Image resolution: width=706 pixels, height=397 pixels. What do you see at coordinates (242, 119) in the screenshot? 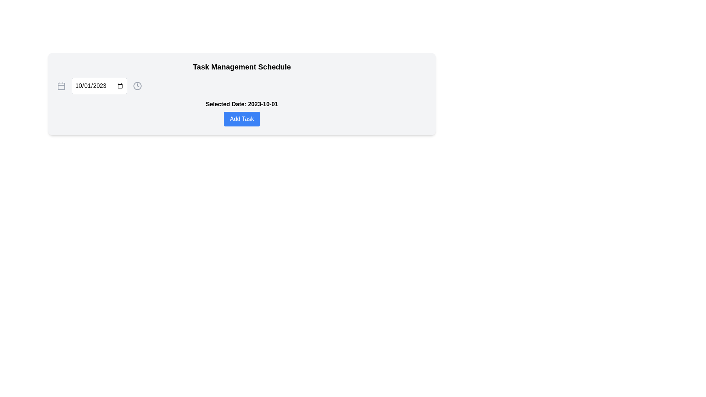
I see `the 'Add Task' button, which is a rectangular button with rounded corners, blue background, and white text, located below 'Selected Date: 2023-10-01' in the 'Task Management Schedule' section` at bounding box center [242, 119].